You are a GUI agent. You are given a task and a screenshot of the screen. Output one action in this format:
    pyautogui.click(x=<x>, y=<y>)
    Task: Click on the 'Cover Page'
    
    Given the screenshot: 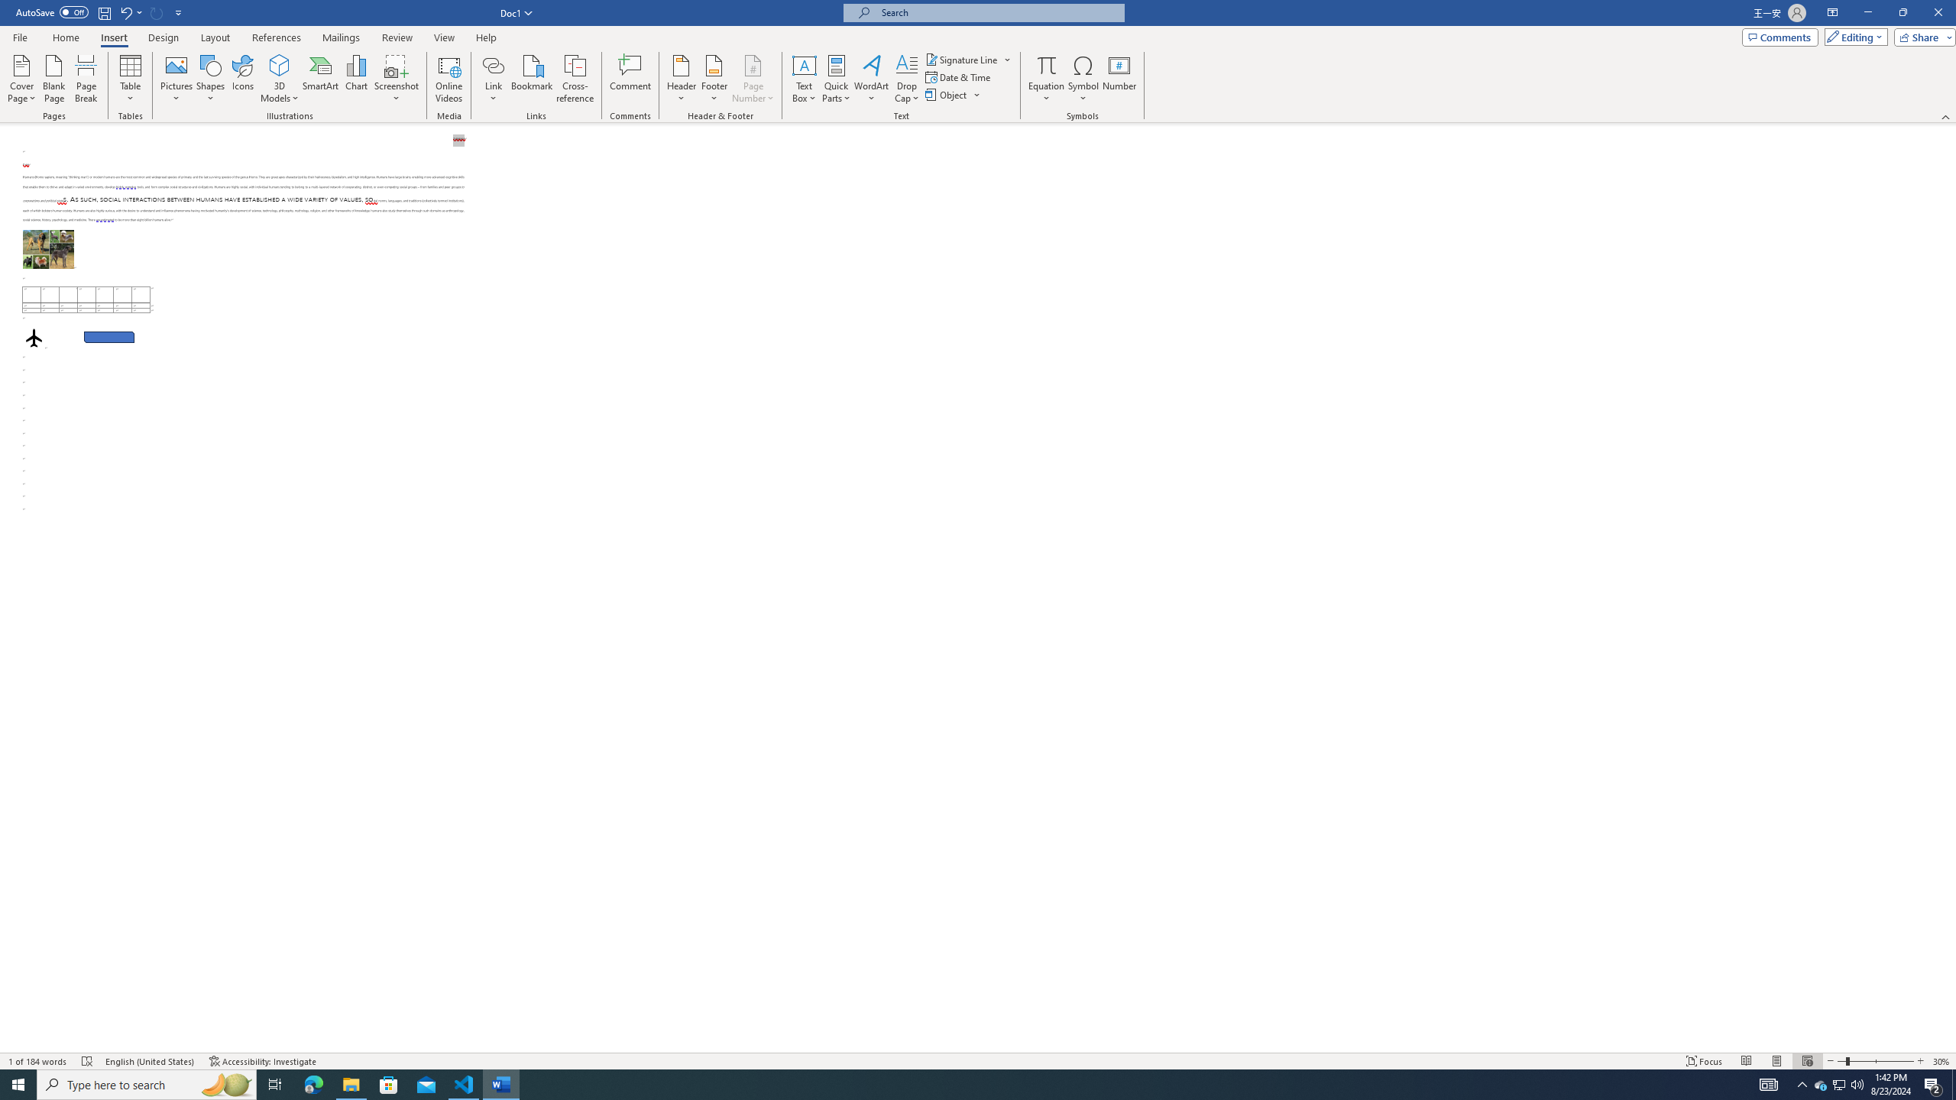 What is the action you would take?
    pyautogui.click(x=21, y=79)
    